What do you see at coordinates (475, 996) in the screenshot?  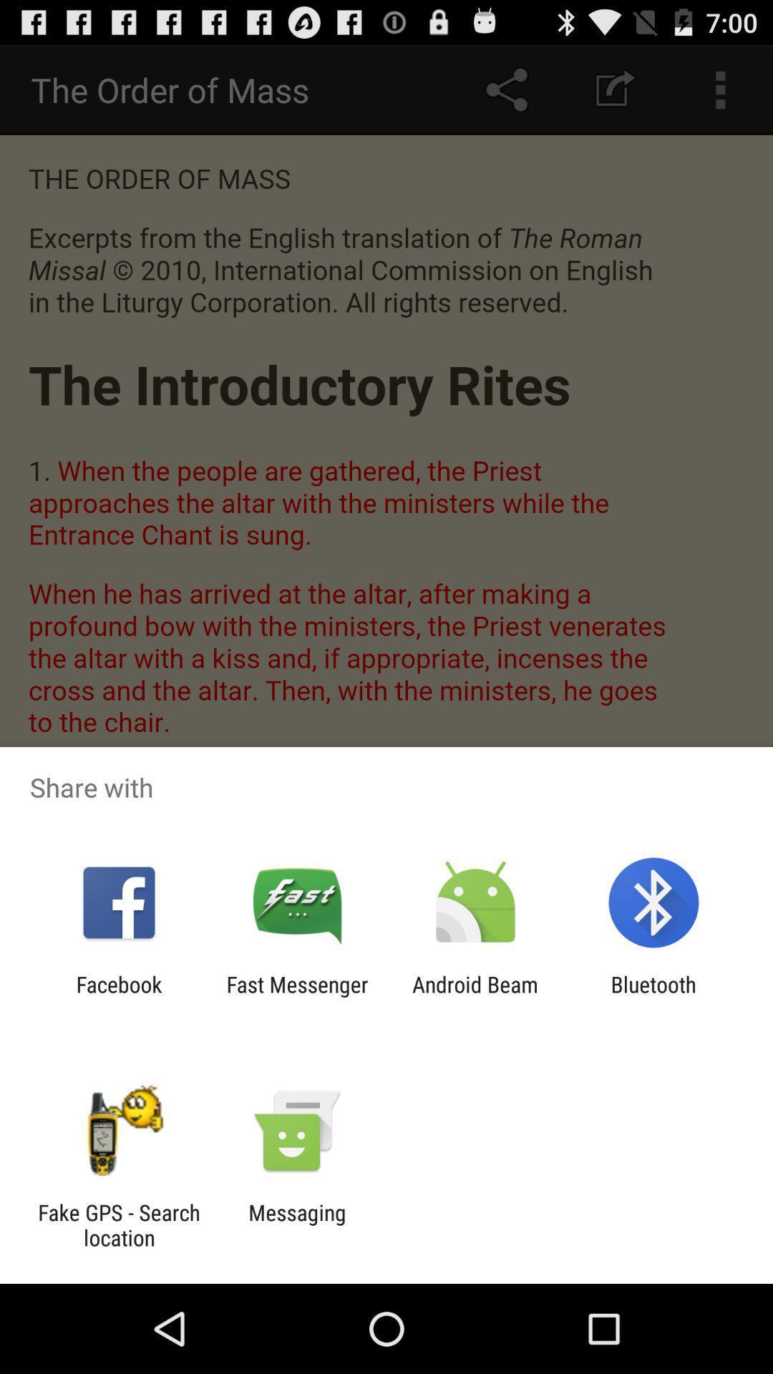 I see `the android beam icon` at bounding box center [475, 996].